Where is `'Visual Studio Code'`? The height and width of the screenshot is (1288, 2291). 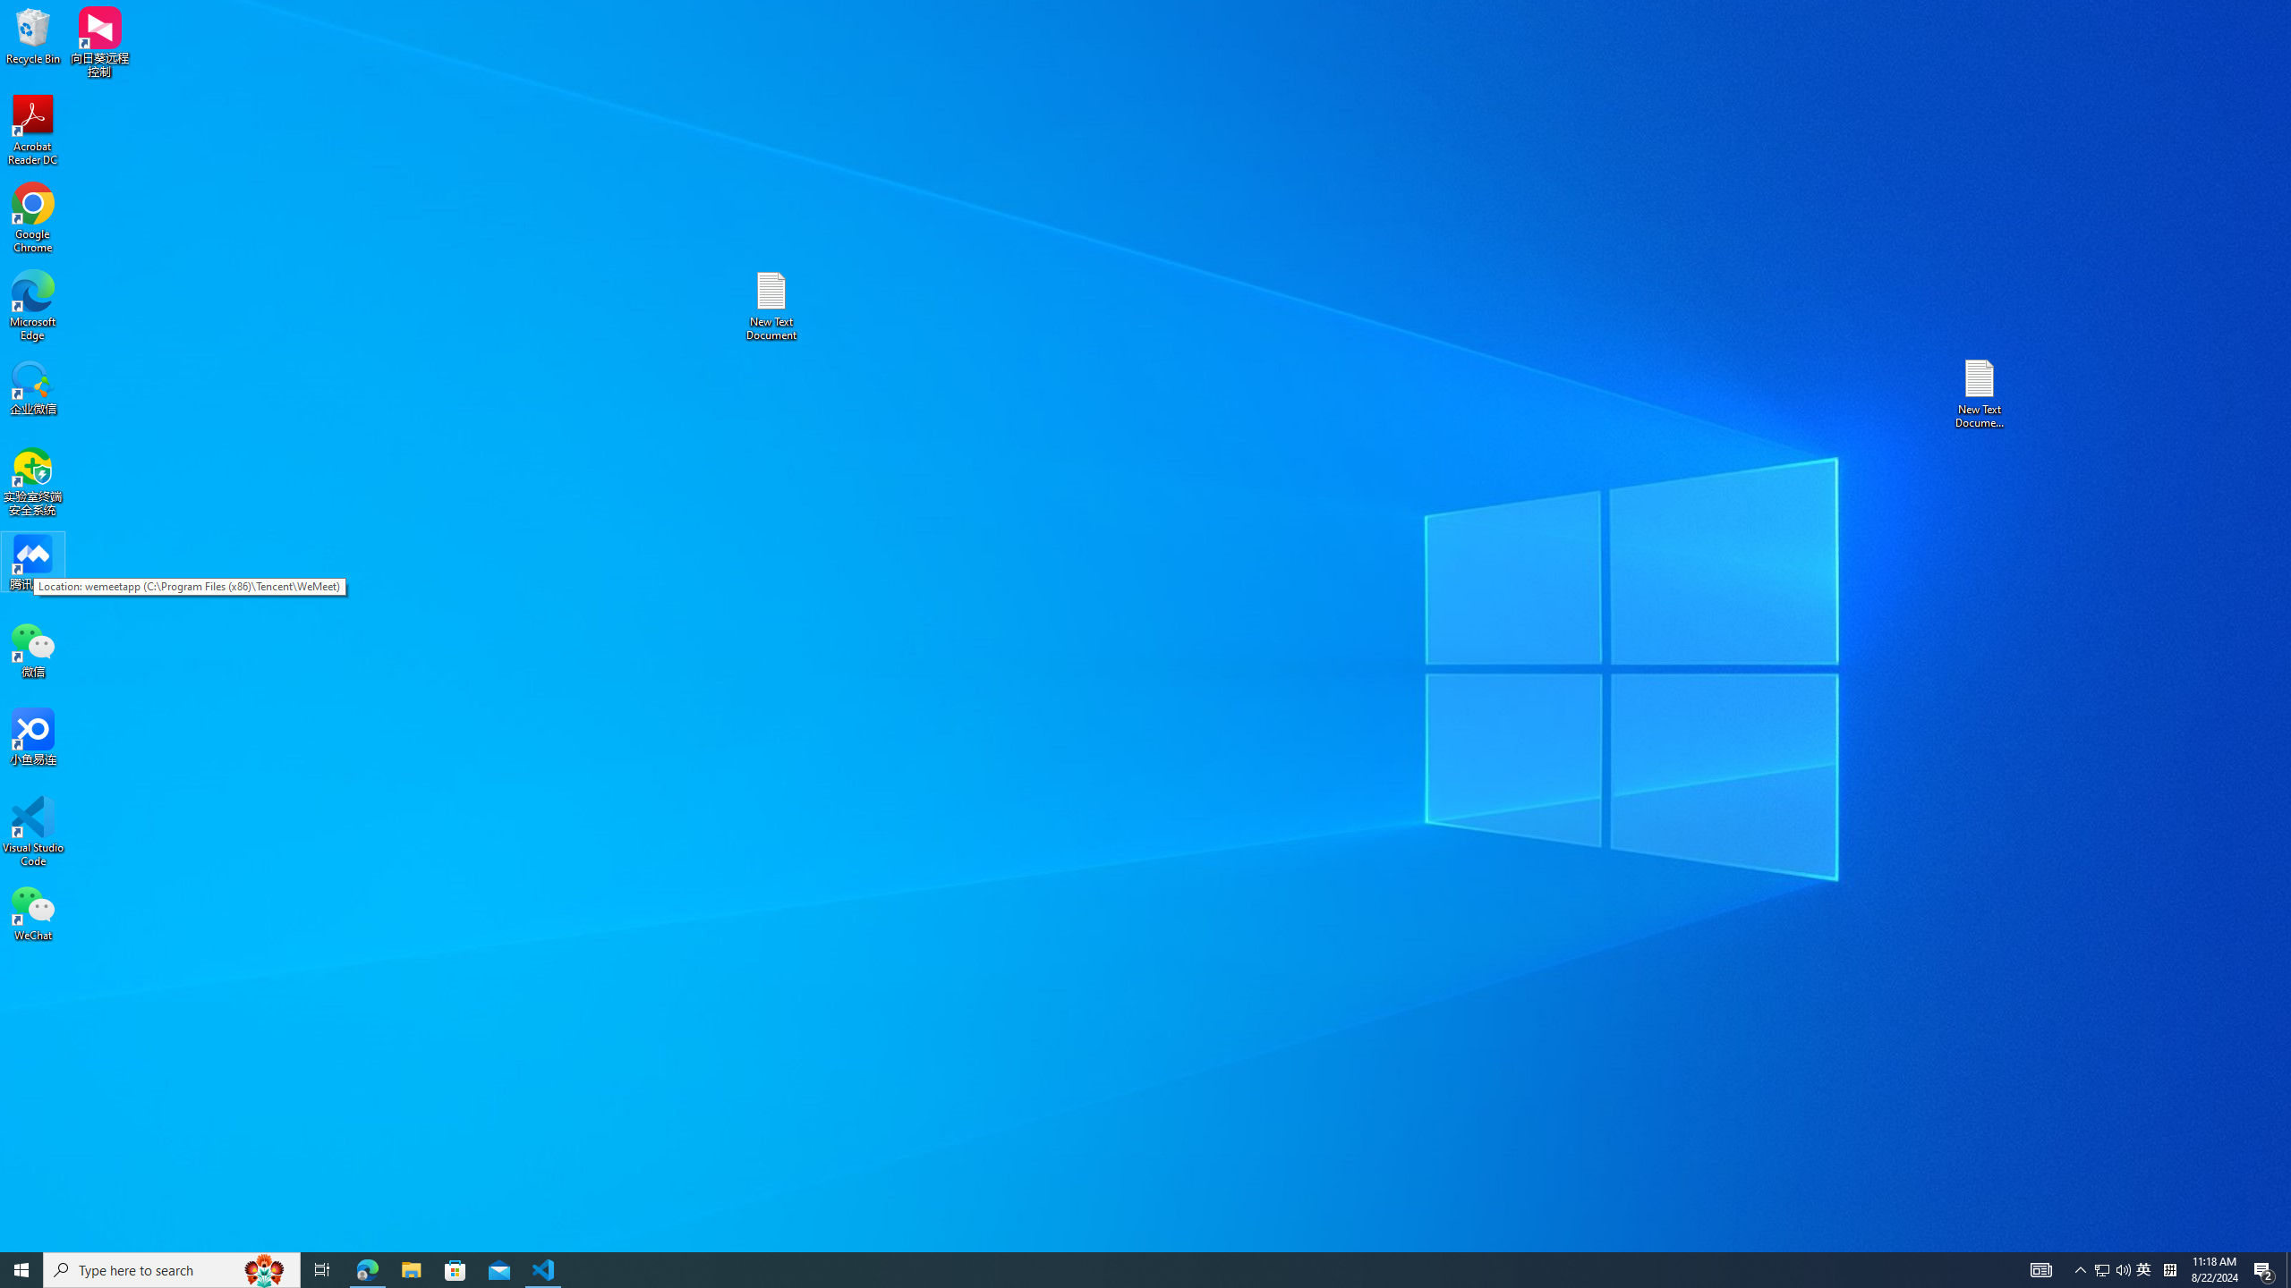
'Visual Studio Code' is located at coordinates (32, 830).